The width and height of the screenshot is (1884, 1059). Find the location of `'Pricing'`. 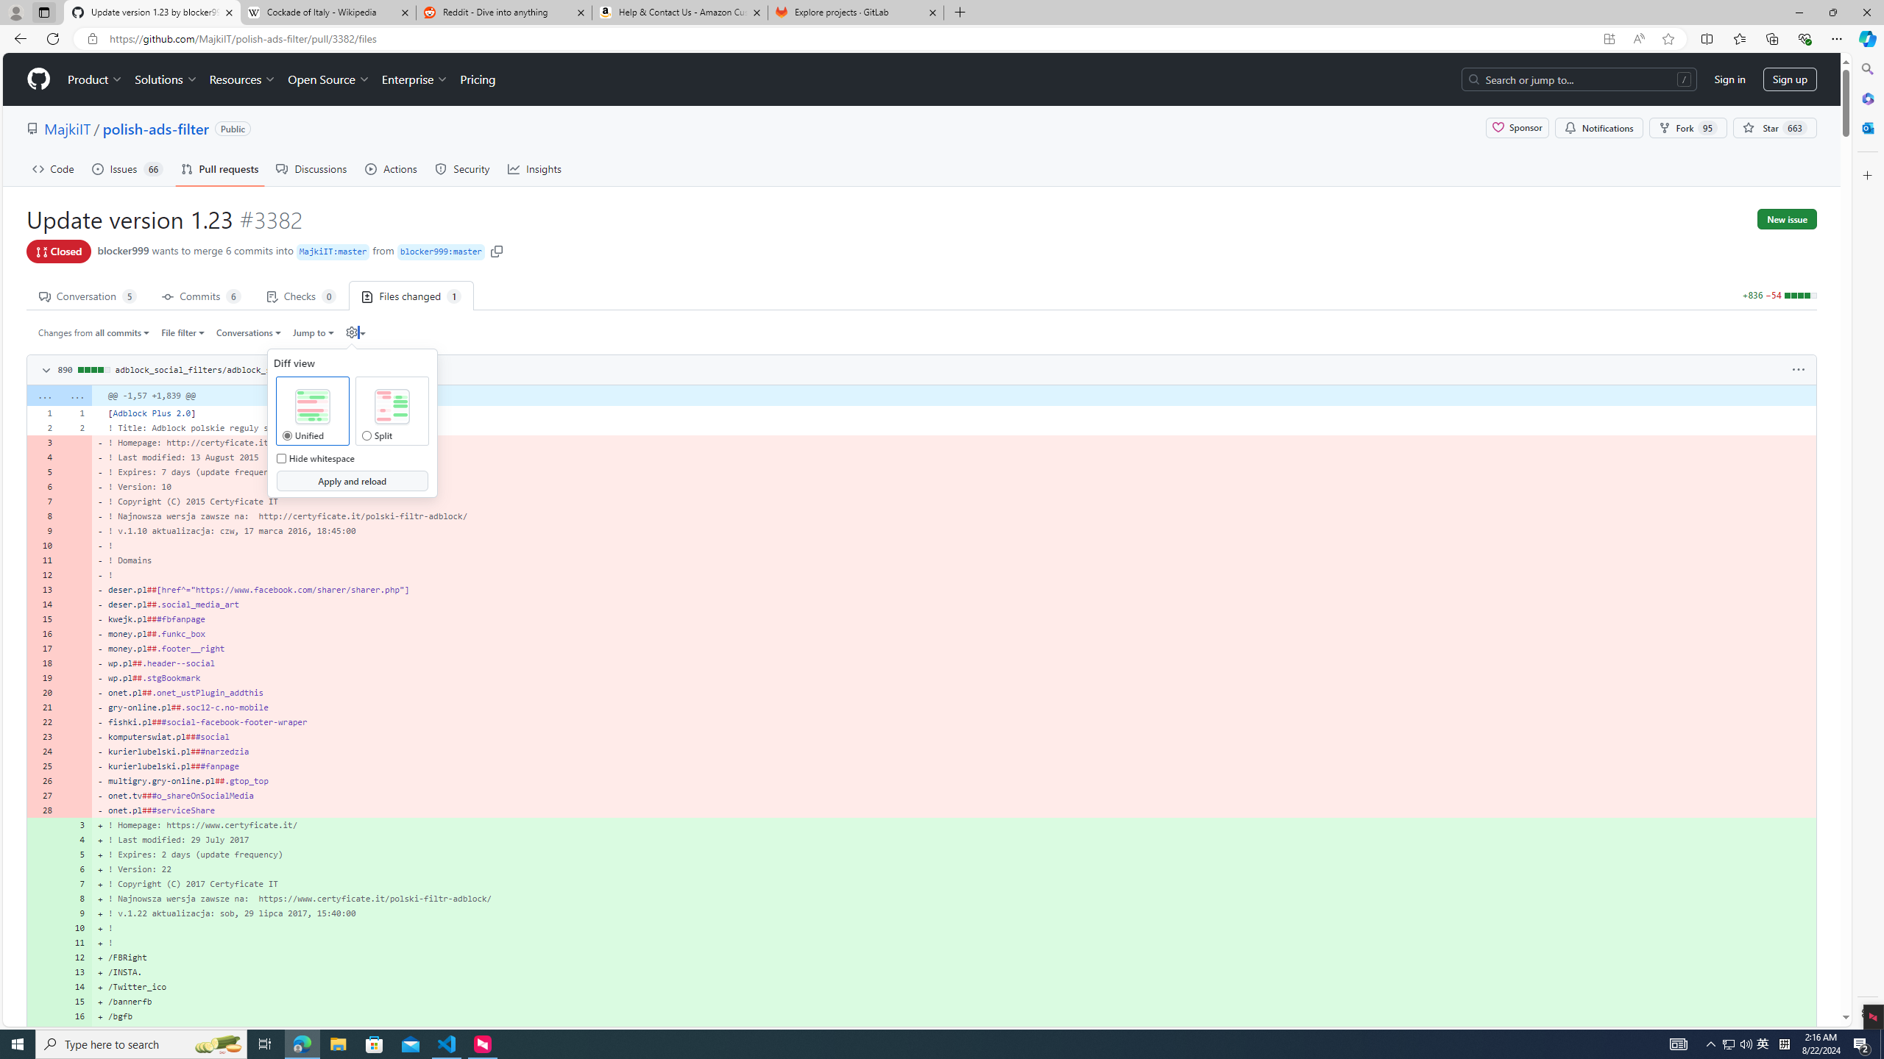

'Pricing' is located at coordinates (477, 79).